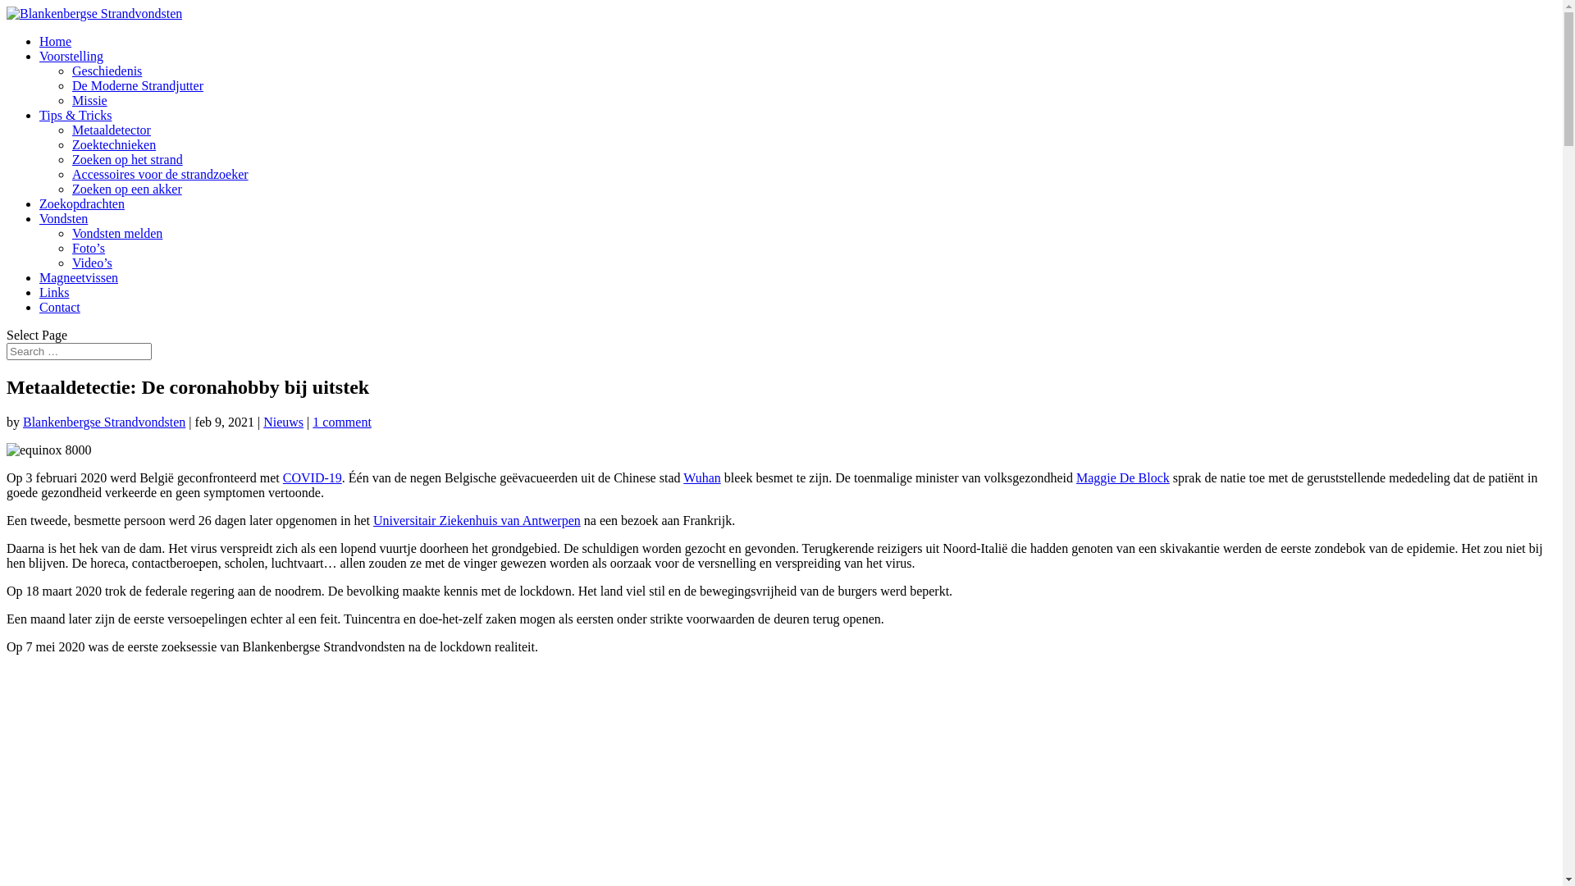  Describe the element at coordinates (55, 40) in the screenshot. I see `'Home'` at that location.